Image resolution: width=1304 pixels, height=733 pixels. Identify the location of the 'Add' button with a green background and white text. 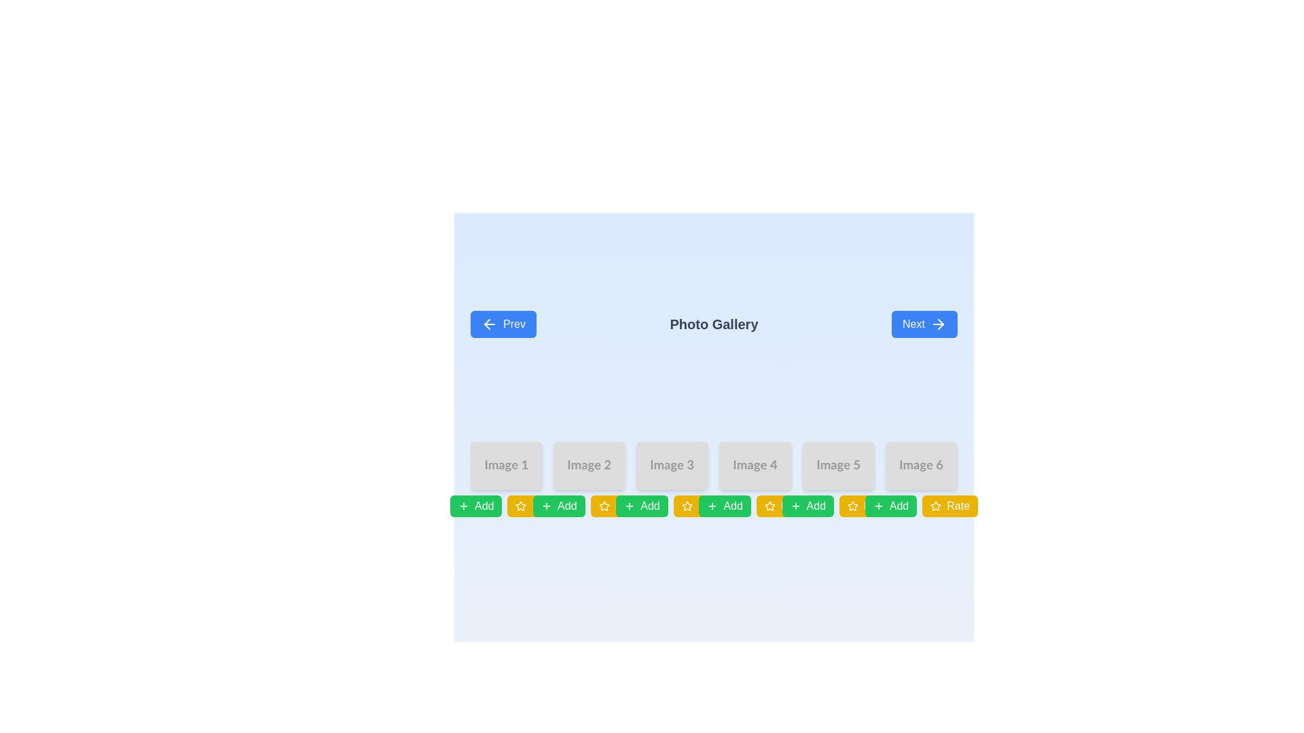
(476, 506).